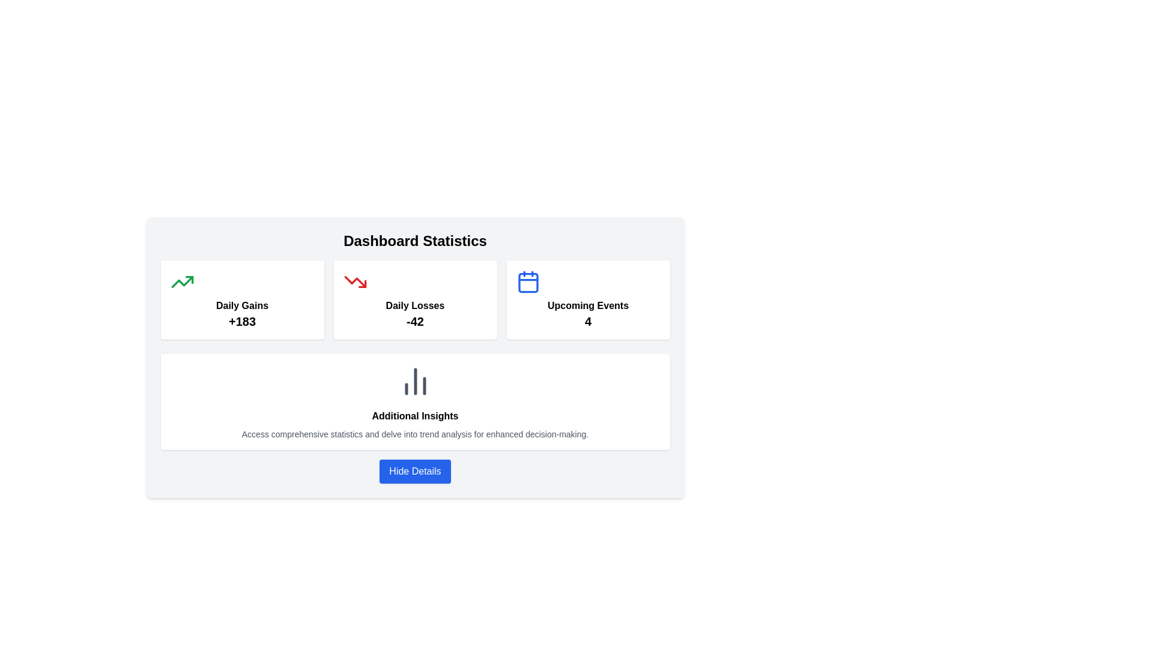 This screenshot has width=1153, height=648. What do you see at coordinates (354, 282) in the screenshot?
I see `the SVG graphical icon representing a trend of decrease located in the second card of the dashboard statistics section, to the left of 'Daily Losses' and above the value '-42'` at bounding box center [354, 282].